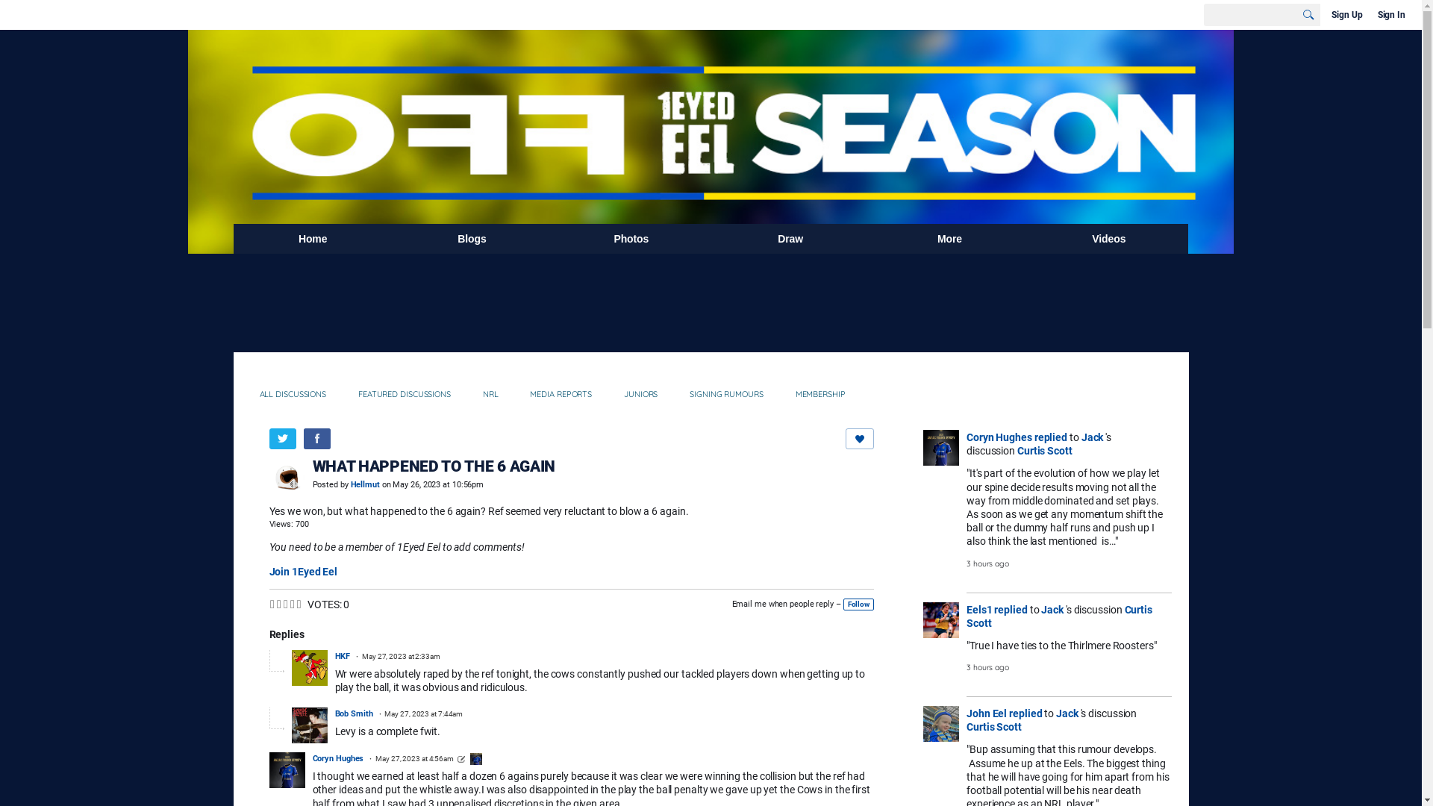 The height and width of the screenshot is (806, 1433). What do you see at coordinates (341, 655) in the screenshot?
I see `'HKF'` at bounding box center [341, 655].